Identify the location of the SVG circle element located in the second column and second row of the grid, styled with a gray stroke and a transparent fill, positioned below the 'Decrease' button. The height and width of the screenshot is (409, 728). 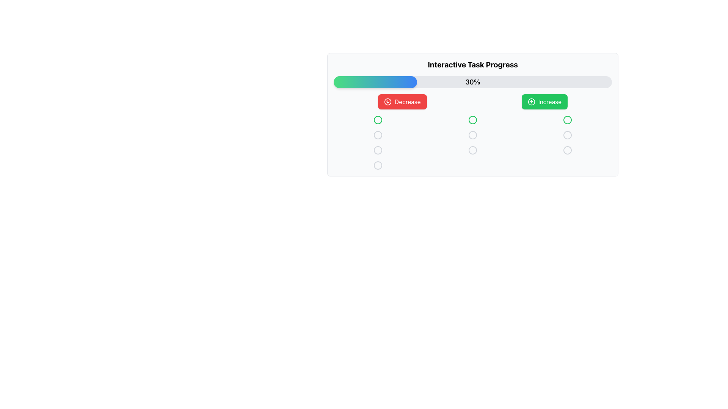
(378, 135).